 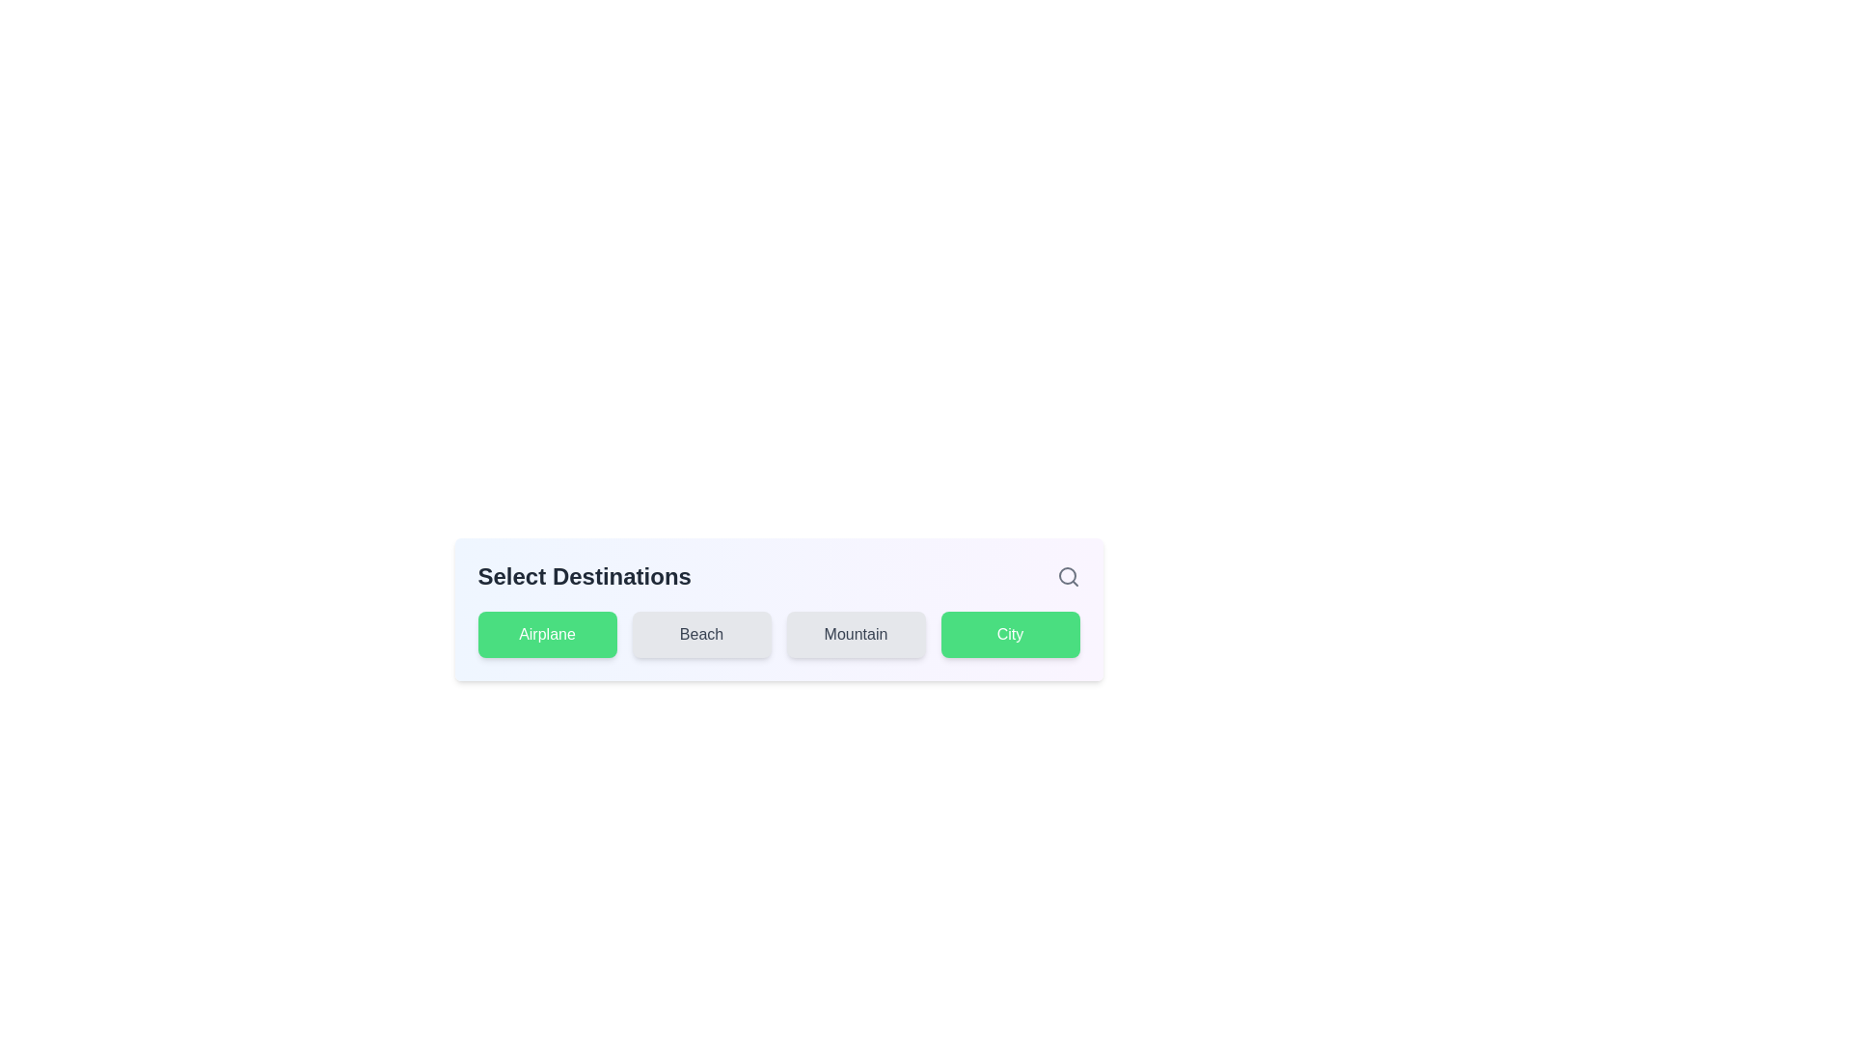 What do you see at coordinates (855, 635) in the screenshot?
I see `the item Mountain` at bounding box center [855, 635].